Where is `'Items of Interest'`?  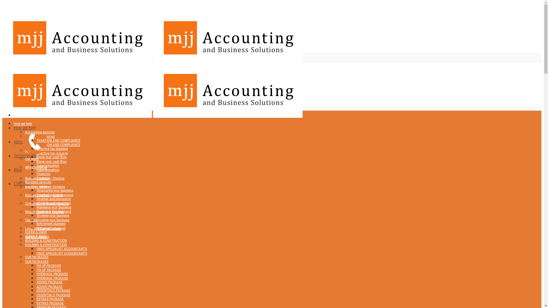
'Items of Interest' is located at coordinates (37, 237).